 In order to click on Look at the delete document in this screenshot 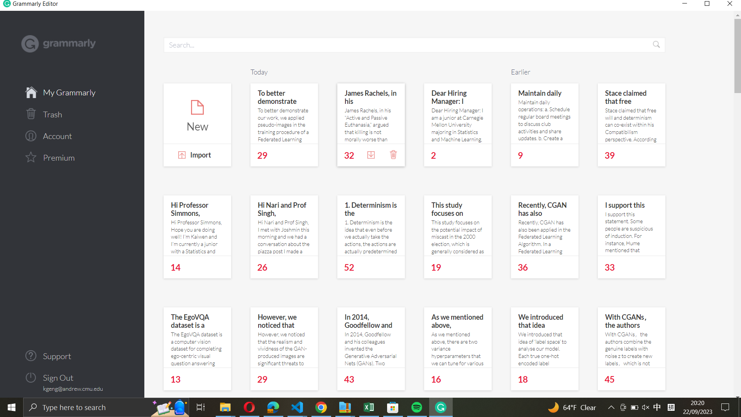, I will do `click(72, 114)`.